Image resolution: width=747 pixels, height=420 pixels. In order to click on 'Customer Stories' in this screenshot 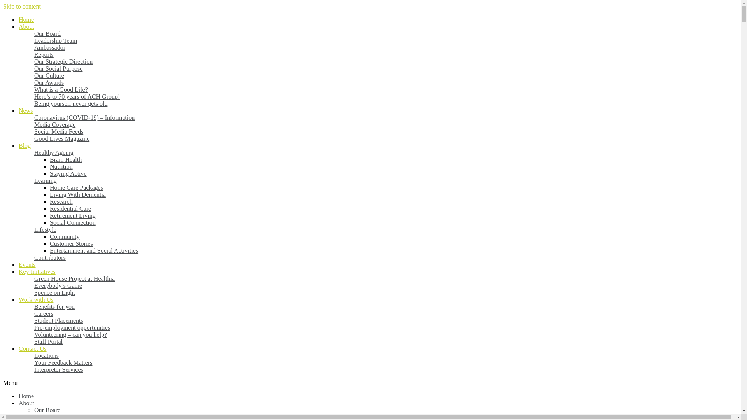, I will do `click(71, 243)`.